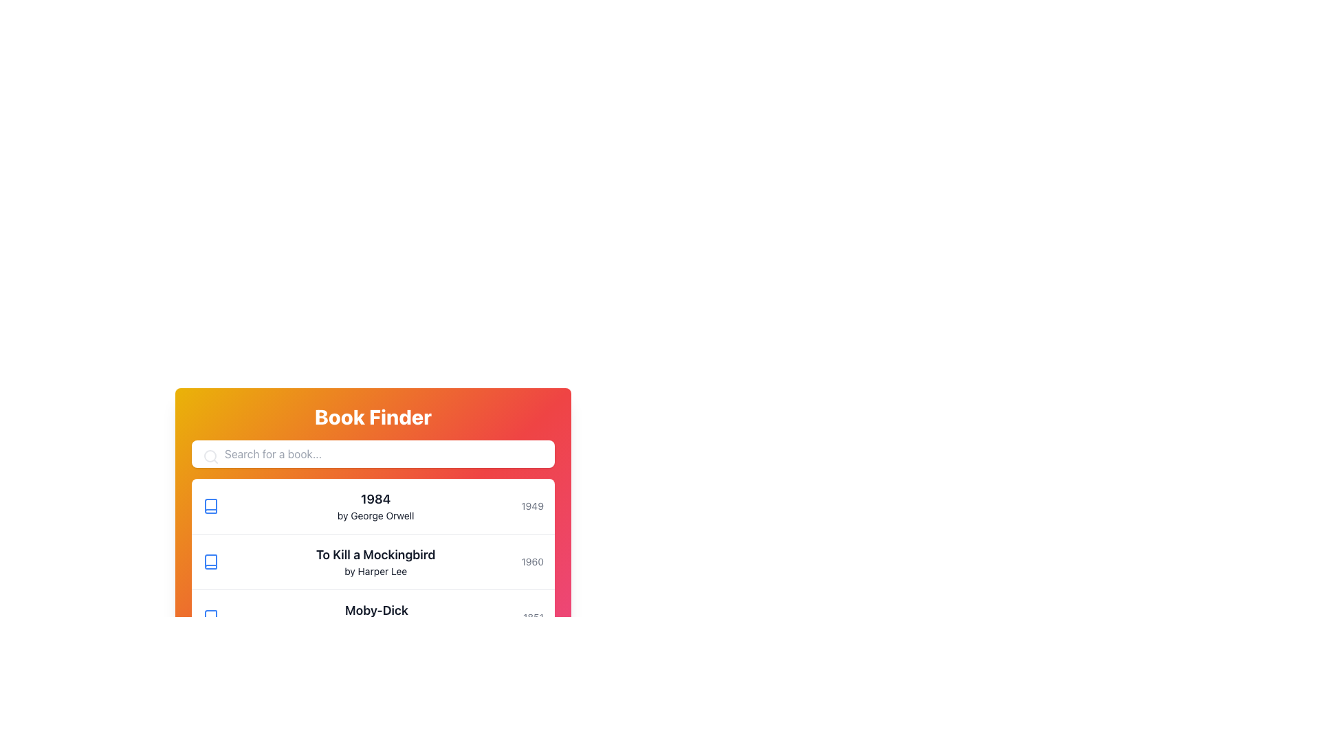 Image resolution: width=1320 pixels, height=742 pixels. Describe the element at coordinates (210, 616) in the screenshot. I see `the book icon associated with 'Moby-Dick'` at that location.